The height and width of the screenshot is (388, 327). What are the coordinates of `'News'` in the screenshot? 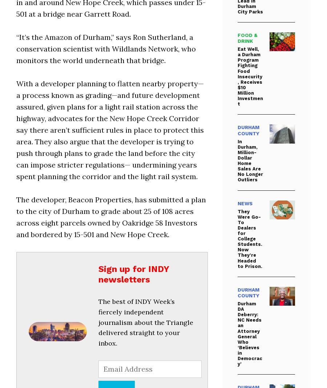 It's located at (245, 203).